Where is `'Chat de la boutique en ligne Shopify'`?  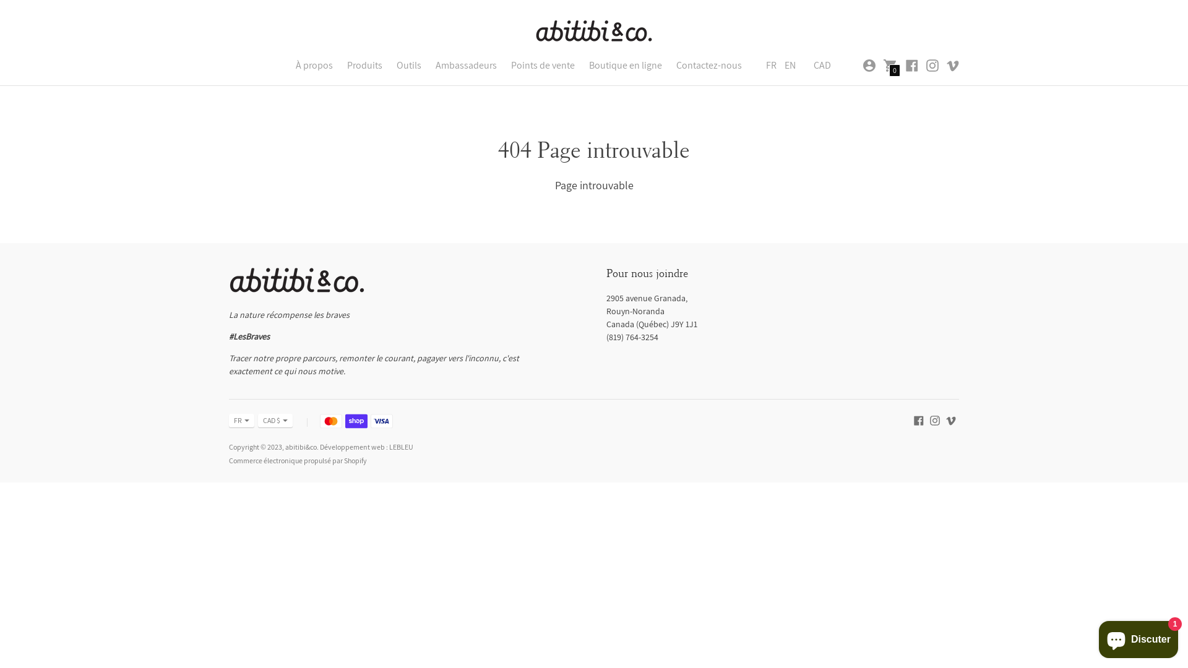
'Chat de la boutique en ligne Shopify' is located at coordinates (1138, 636).